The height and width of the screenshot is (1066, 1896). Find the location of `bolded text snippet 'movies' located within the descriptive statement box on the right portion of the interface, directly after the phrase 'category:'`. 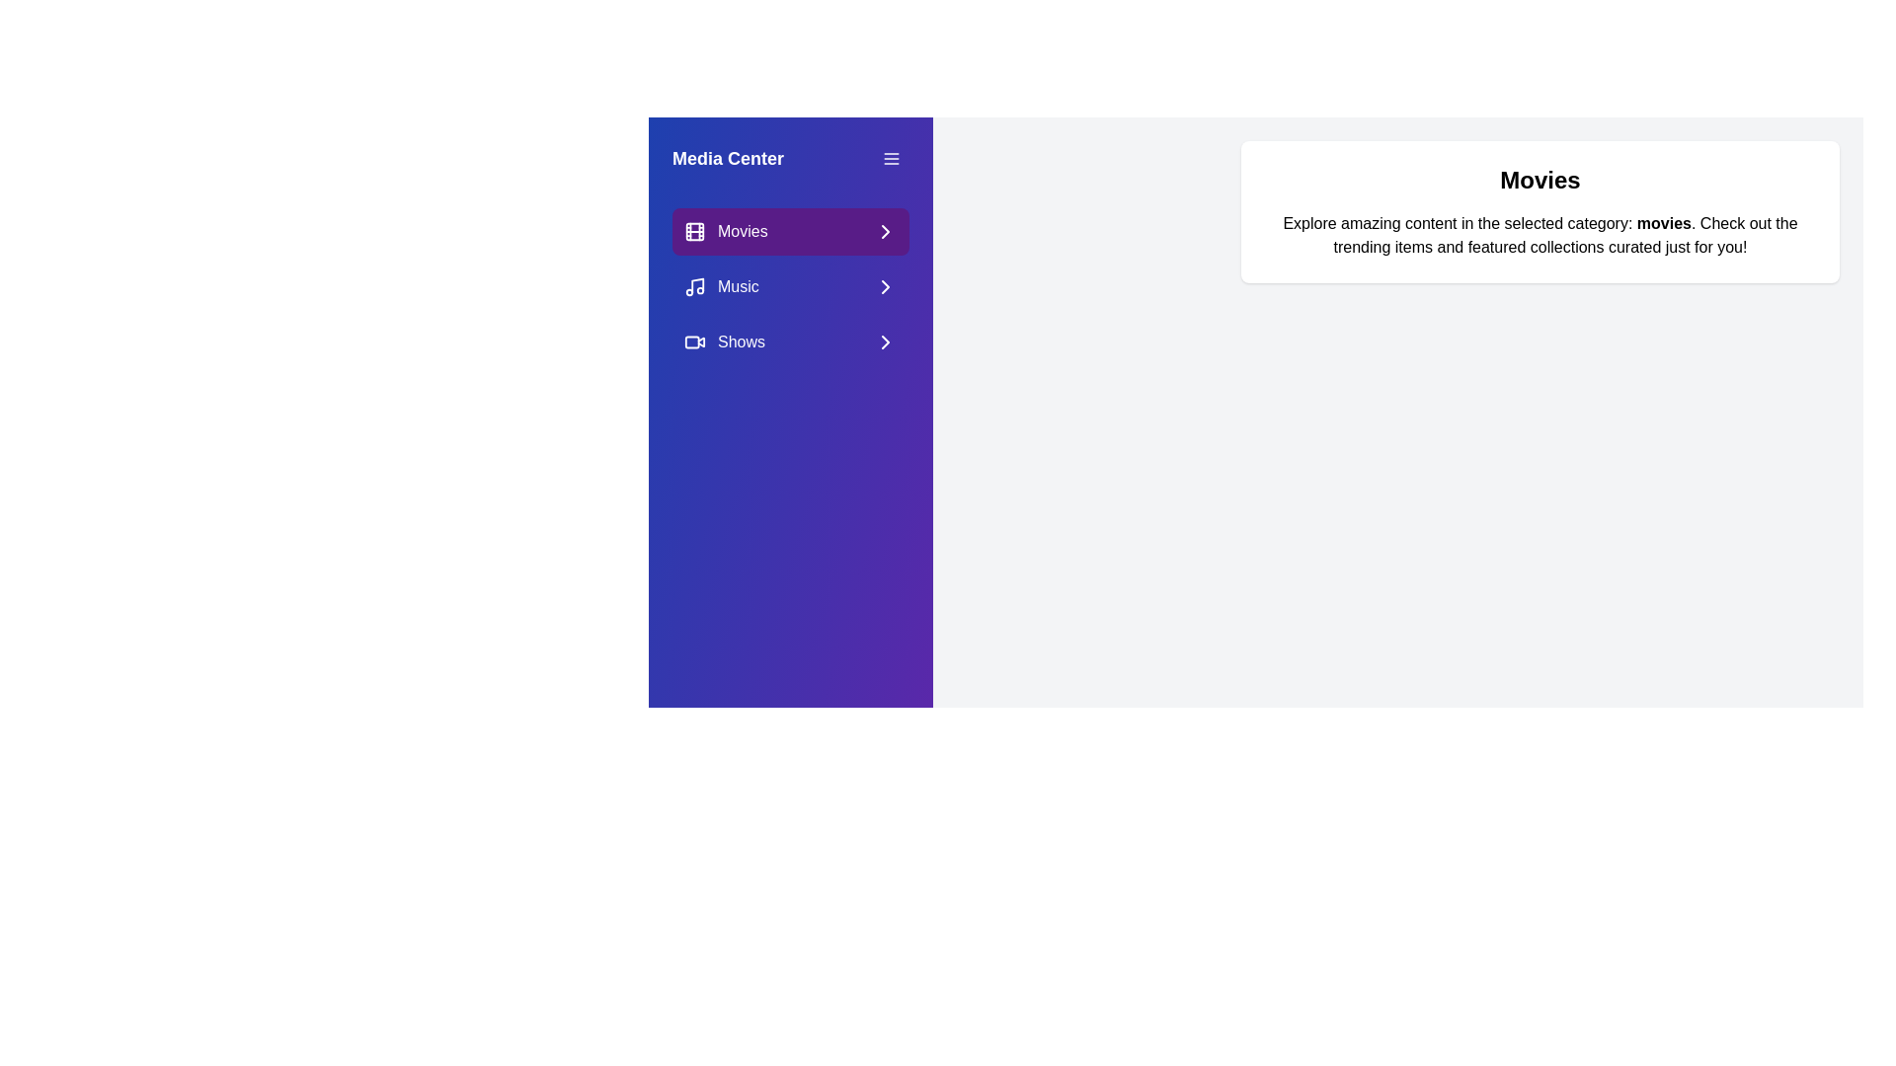

bolded text snippet 'movies' located within the descriptive statement box on the right portion of the interface, directly after the phrase 'category:' is located at coordinates (1663, 222).